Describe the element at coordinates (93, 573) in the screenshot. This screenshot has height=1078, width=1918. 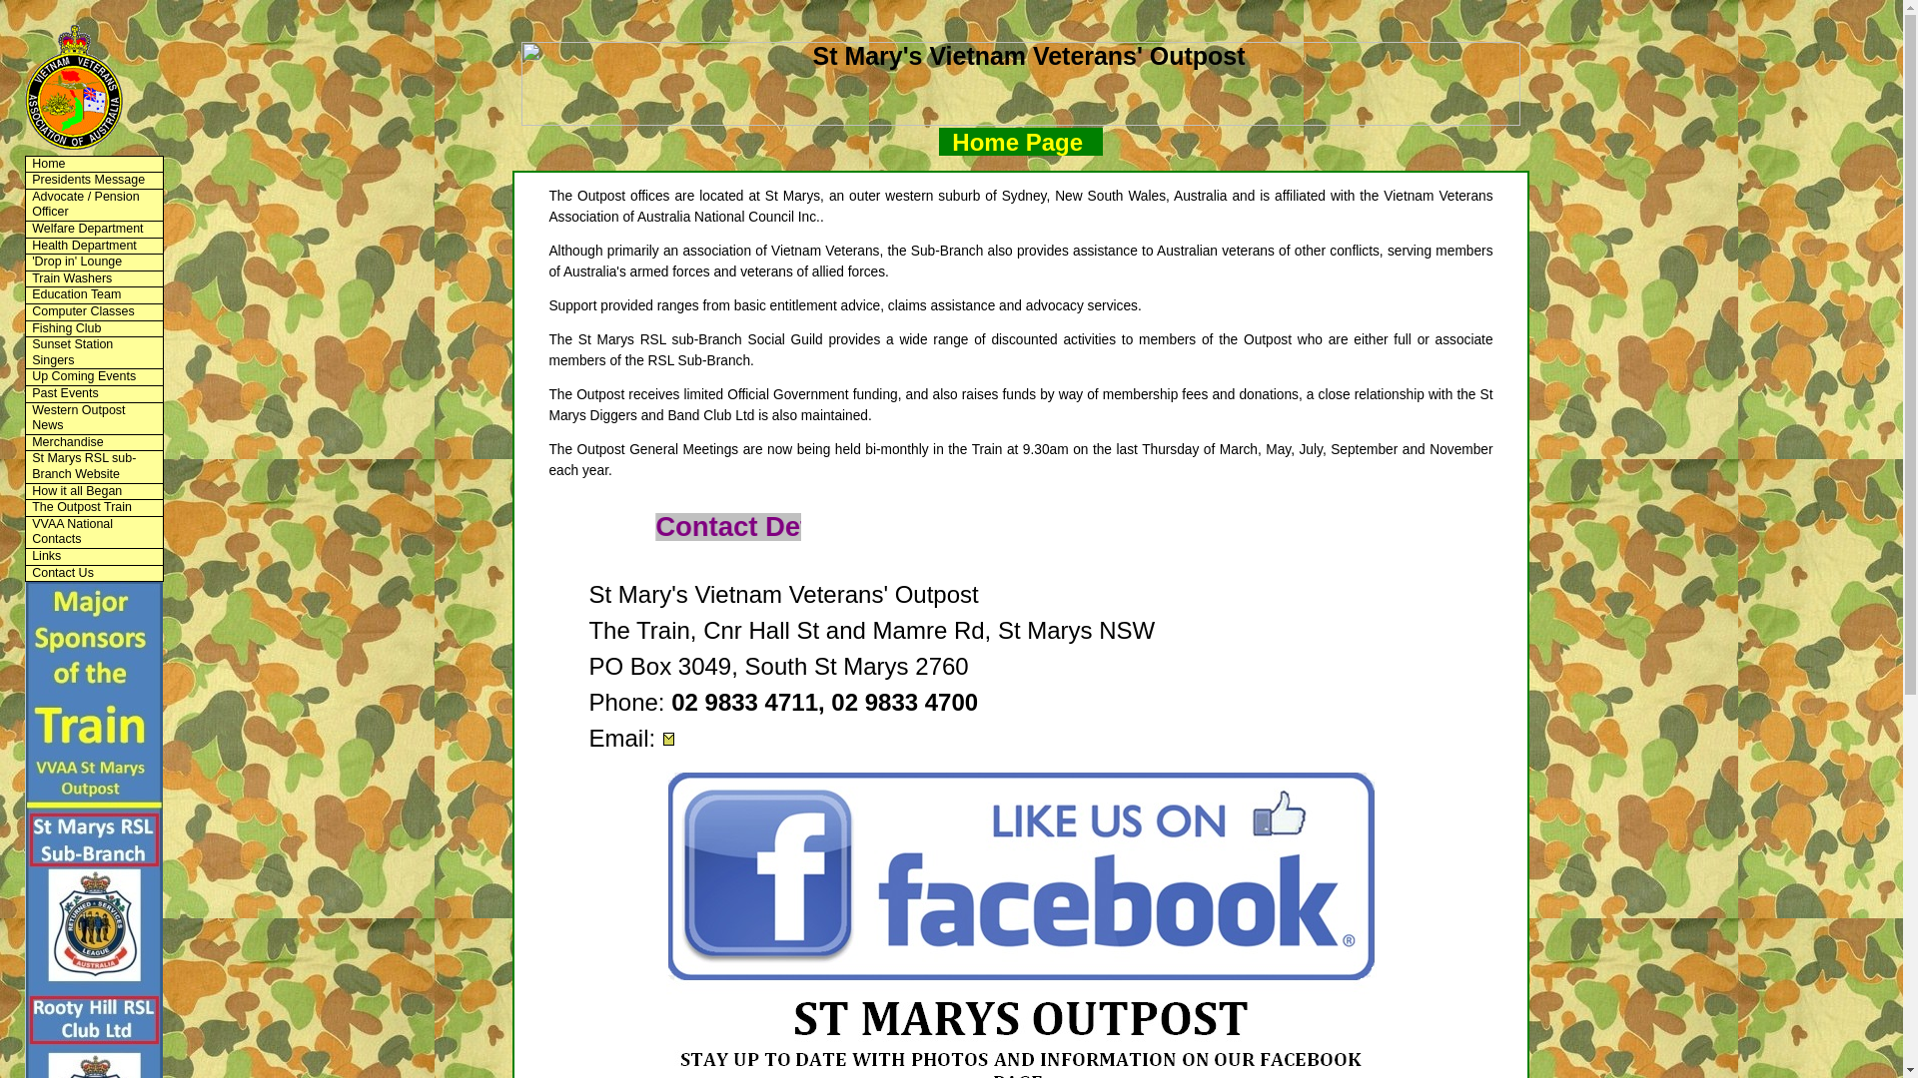
I see `'Contact Us'` at that location.